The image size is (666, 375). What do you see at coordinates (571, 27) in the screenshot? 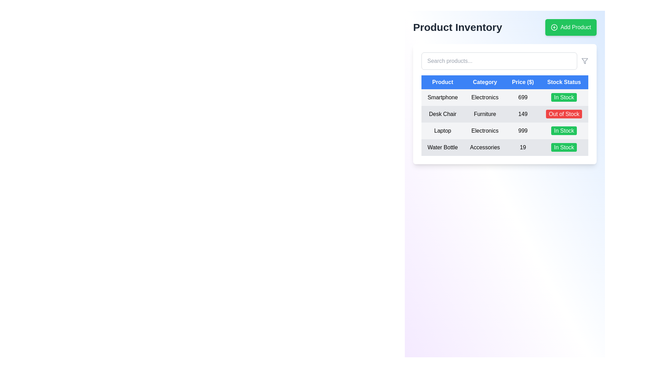
I see `the 'Add Product' button, a green rectangular button with rounded corners, white text, and a plus sign icon, to initiate the product addition process` at bounding box center [571, 27].